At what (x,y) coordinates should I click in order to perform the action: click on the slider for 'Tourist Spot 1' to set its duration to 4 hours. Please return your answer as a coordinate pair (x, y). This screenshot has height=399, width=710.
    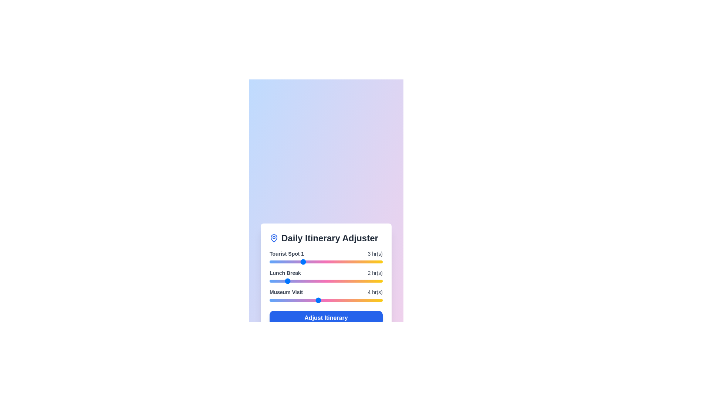
    Looking at the image, I should click on (318, 262).